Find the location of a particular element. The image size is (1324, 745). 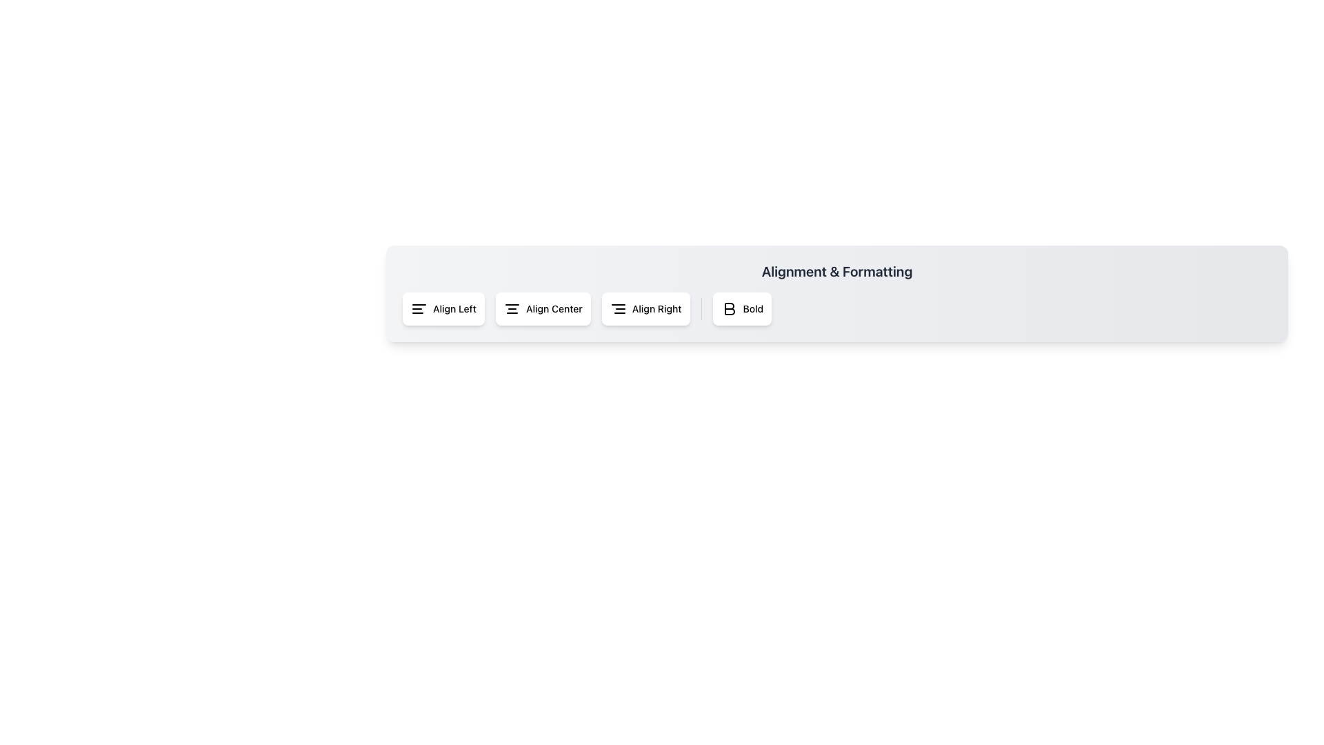

the 'Align Right' text label, which is the third button in the horizontal toolbar, styled with a smaller font size and medium weight, next to an alignment icon is located at coordinates (656, 308).